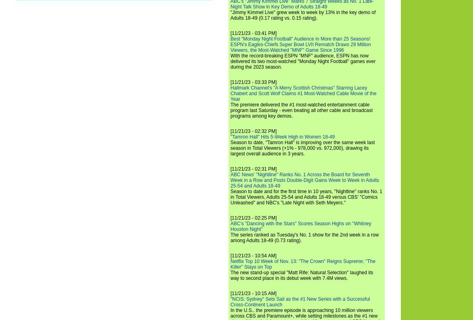 The height and width of the screenshot is (320, 473). I want to click on 'Season to date and for the first time in 10 years, "Nightline" ranks No. 1 in Total Viewers, Adults 25-54 and Adults 18-49 versus CBS' "Comics Unleashed" and NBC's "Late Night with Seth Meyers."', so click(230, 197).